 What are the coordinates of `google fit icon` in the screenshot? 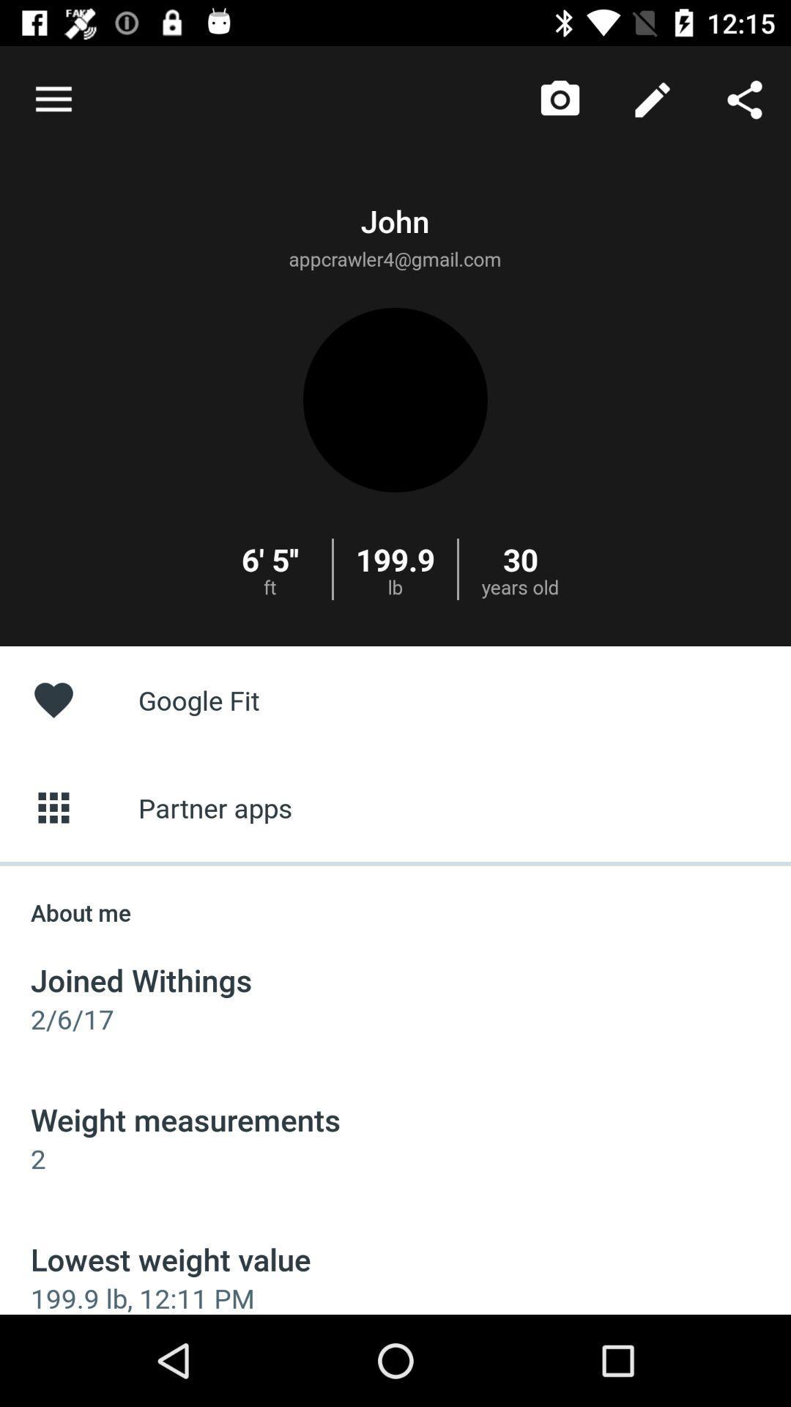 It's located at (395, 699).